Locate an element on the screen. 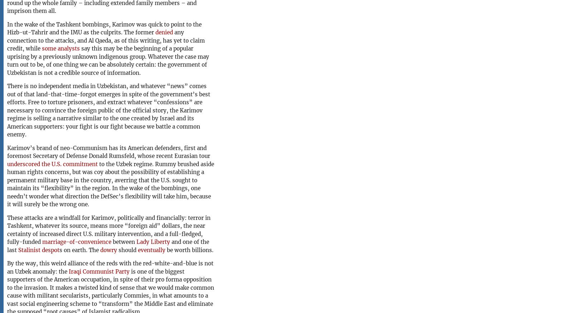  'should' is located at coordinates (117, 250).